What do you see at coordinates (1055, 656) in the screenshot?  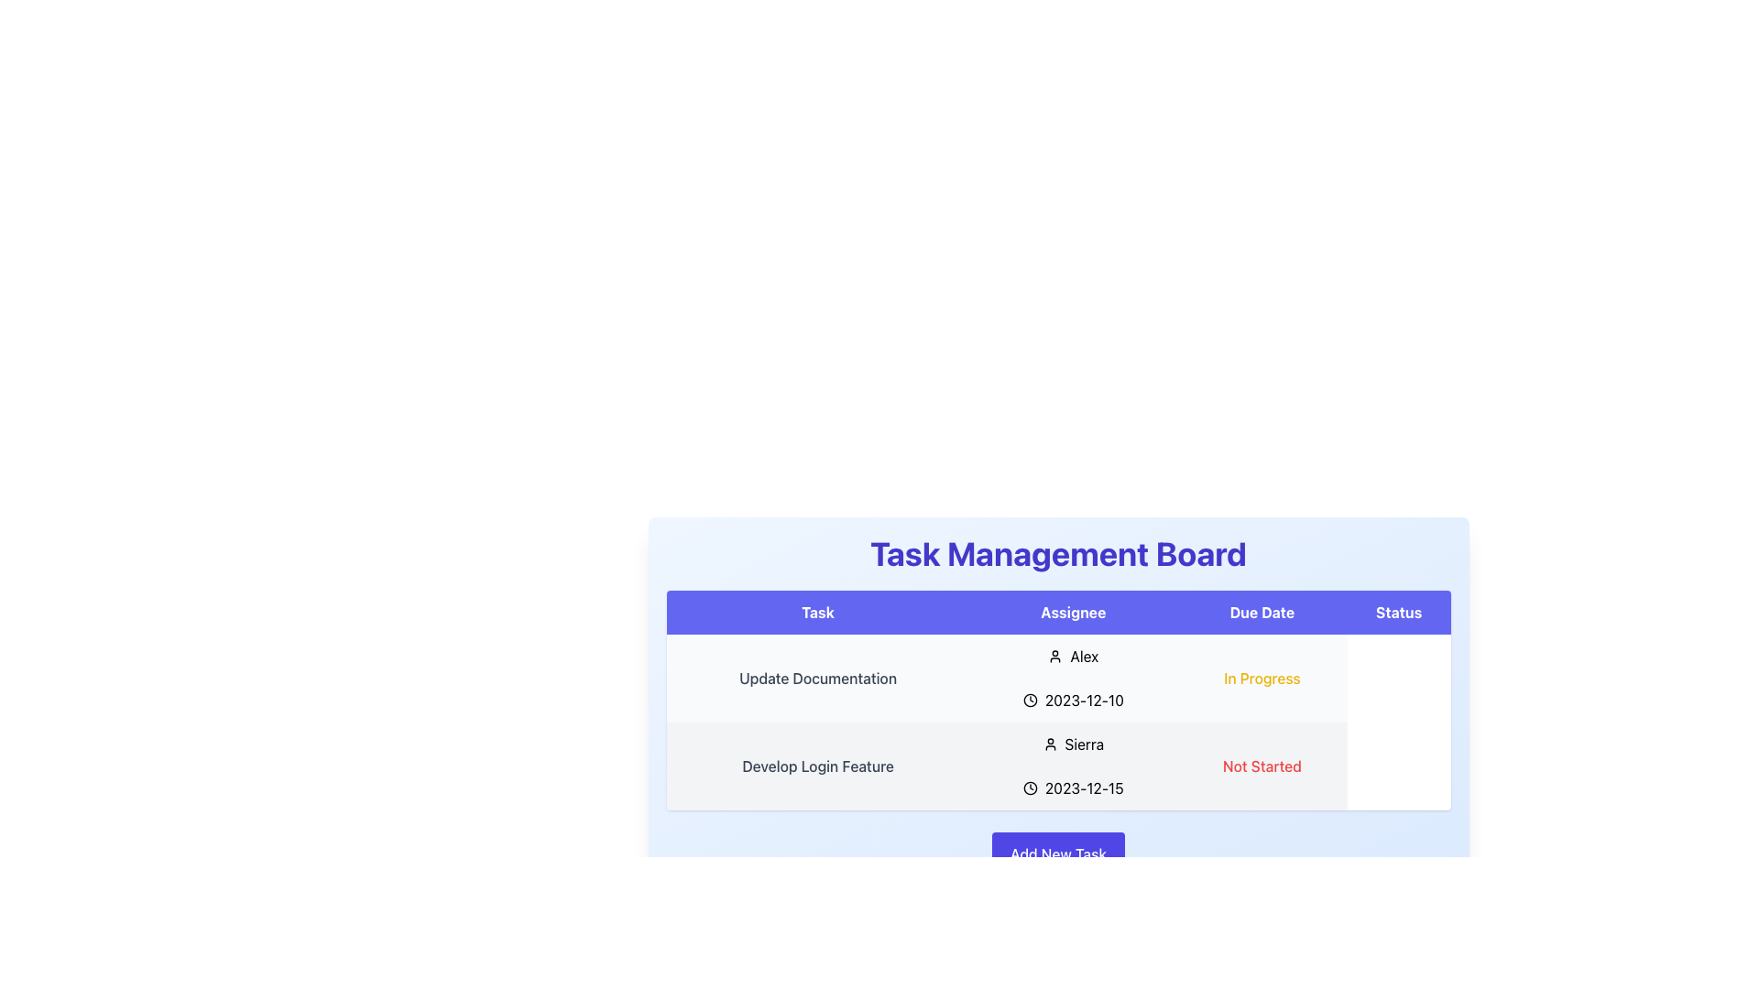 I see `the small graphical user icon representing the assignee, which is located in the 'Assignee' column and precedes the name 'Alex'` at bounding box center [1055, 656].